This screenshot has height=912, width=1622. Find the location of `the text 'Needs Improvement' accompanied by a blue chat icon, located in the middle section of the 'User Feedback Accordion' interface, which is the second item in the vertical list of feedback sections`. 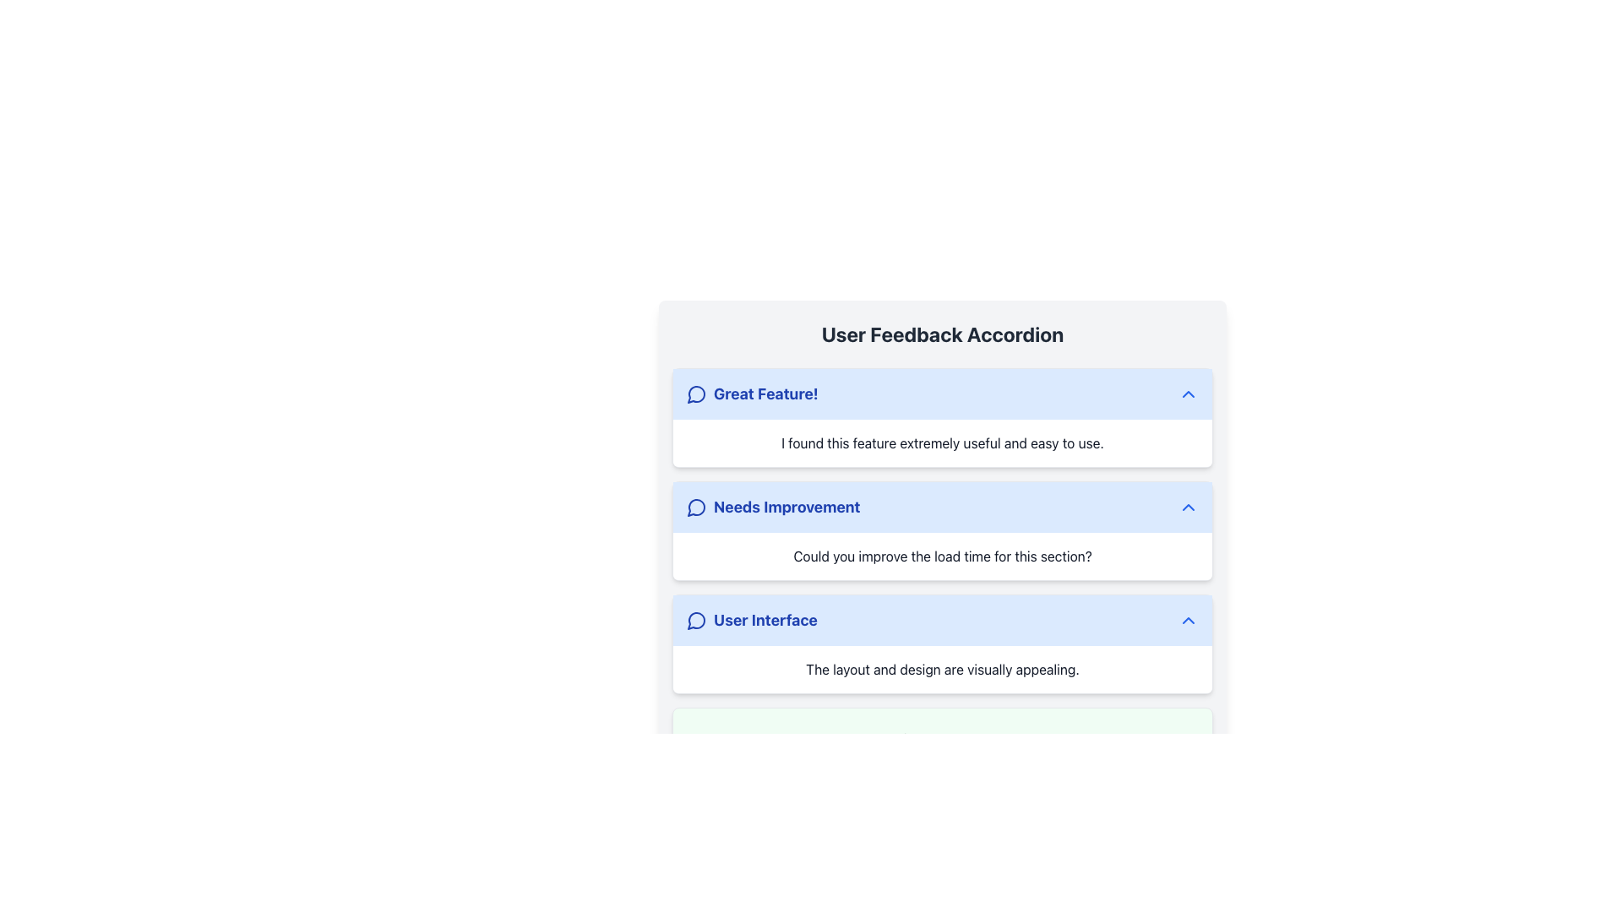

the text 'Needs Improvement' accompanied by a blue chat icon, located in the middle section of the 'User Feedback Accordion' interface, which is the second item in the vertical list of feedback sections is located at coordinates (772, 507).